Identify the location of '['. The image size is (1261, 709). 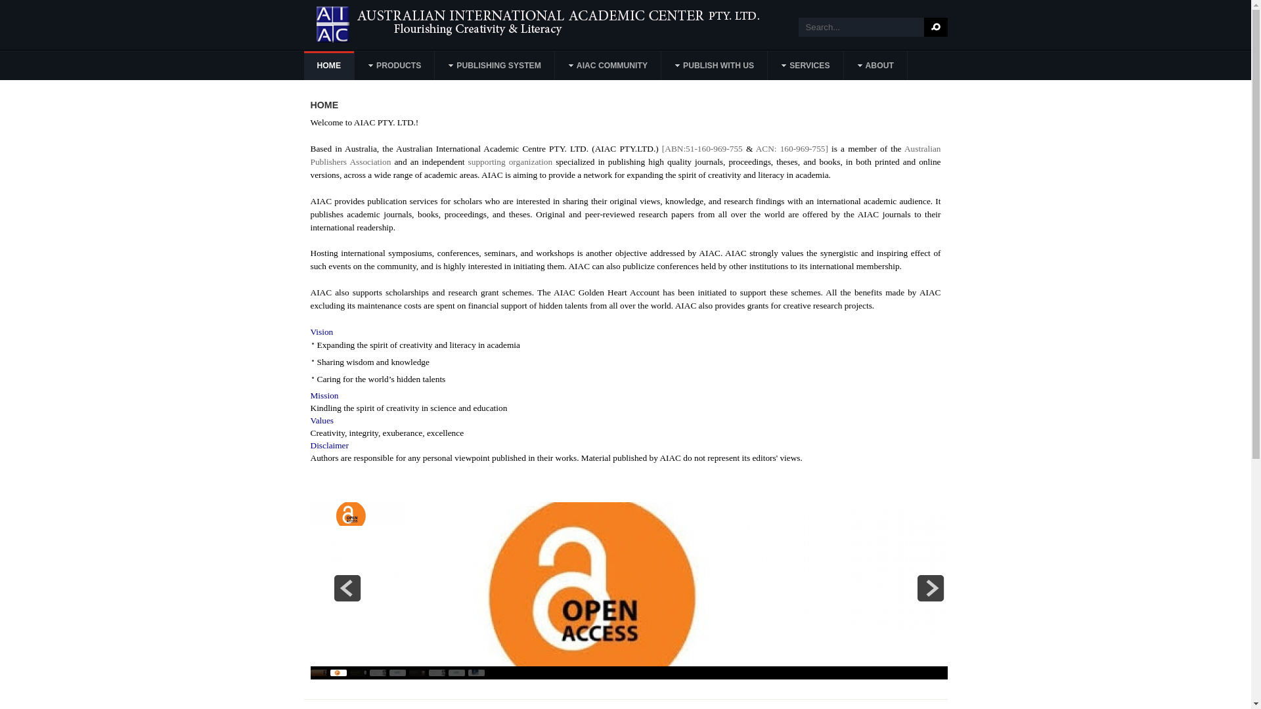
(662, 148).